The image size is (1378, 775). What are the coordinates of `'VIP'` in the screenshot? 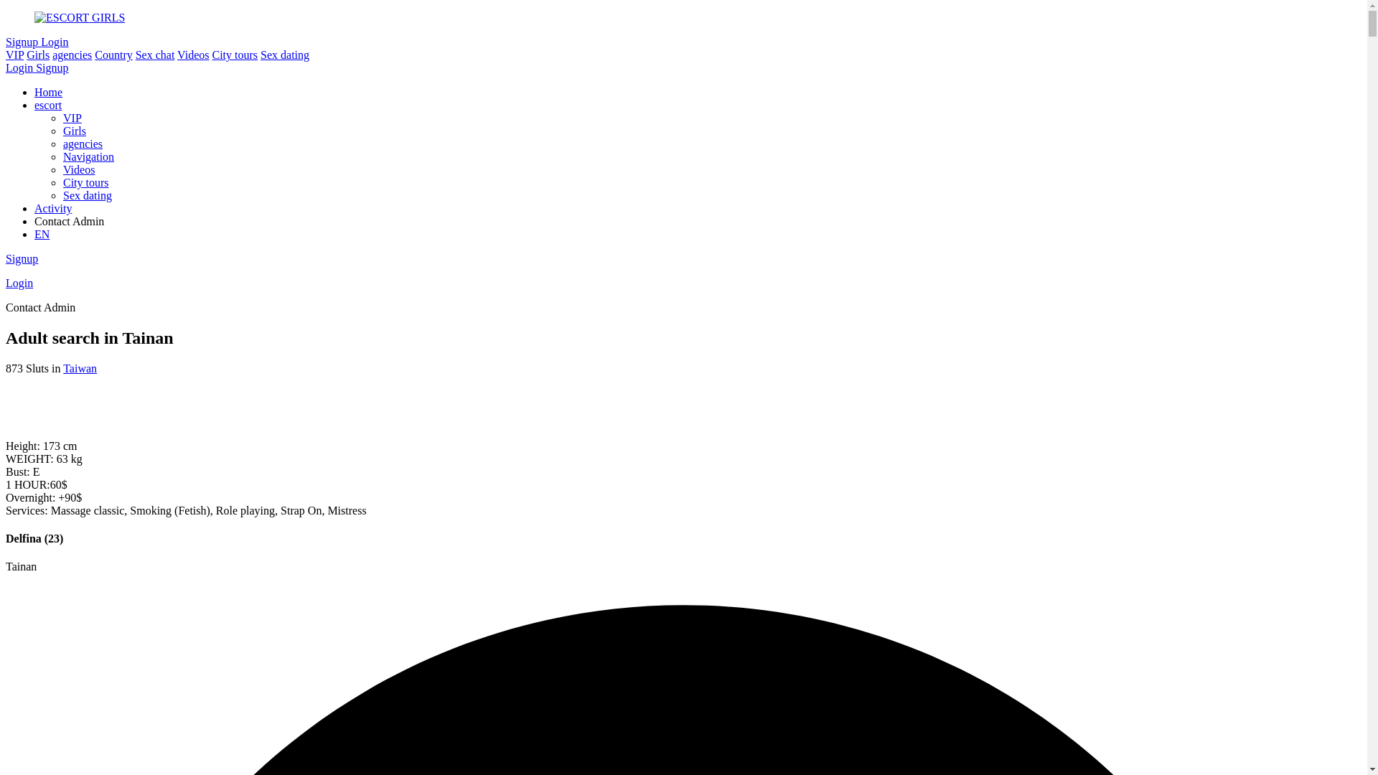 It's located at (14, 54).